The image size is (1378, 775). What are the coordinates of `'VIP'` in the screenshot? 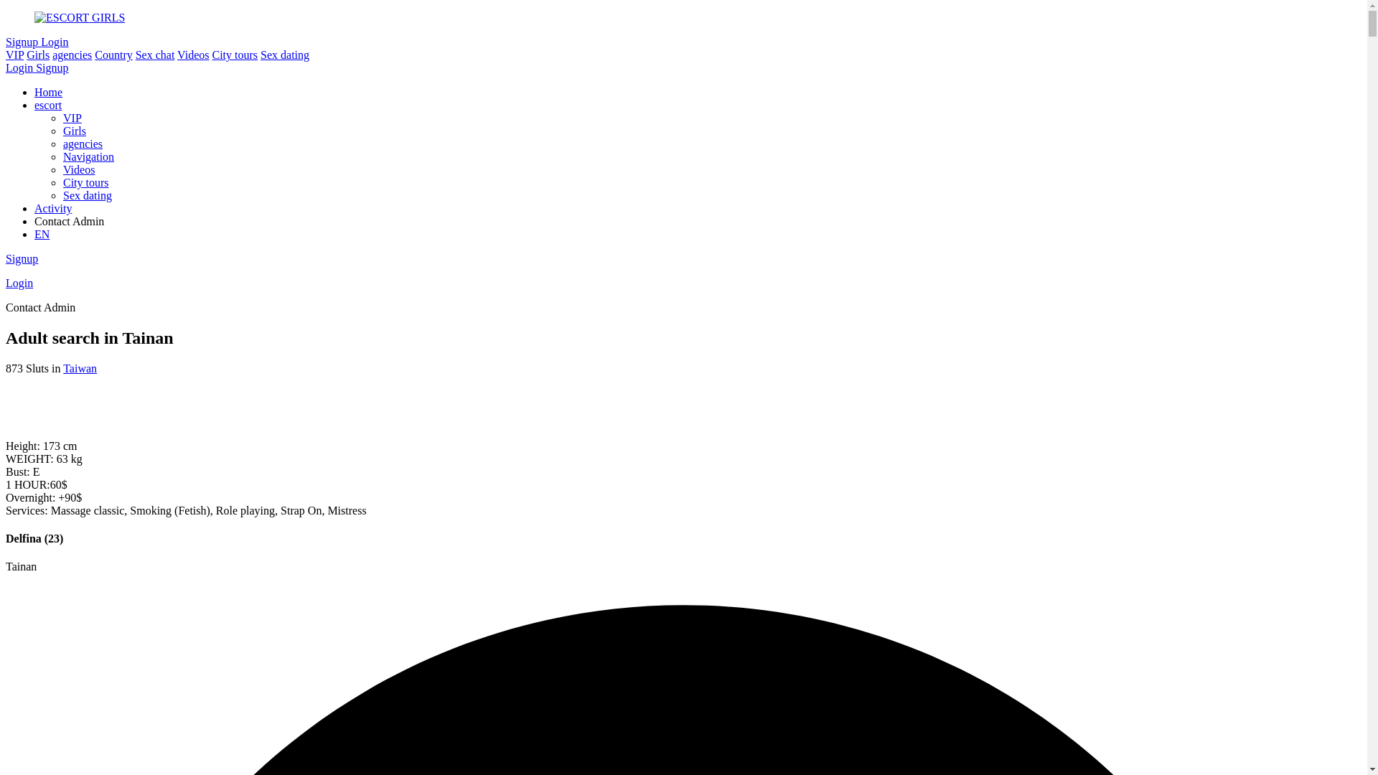 It's located at (14, 54).